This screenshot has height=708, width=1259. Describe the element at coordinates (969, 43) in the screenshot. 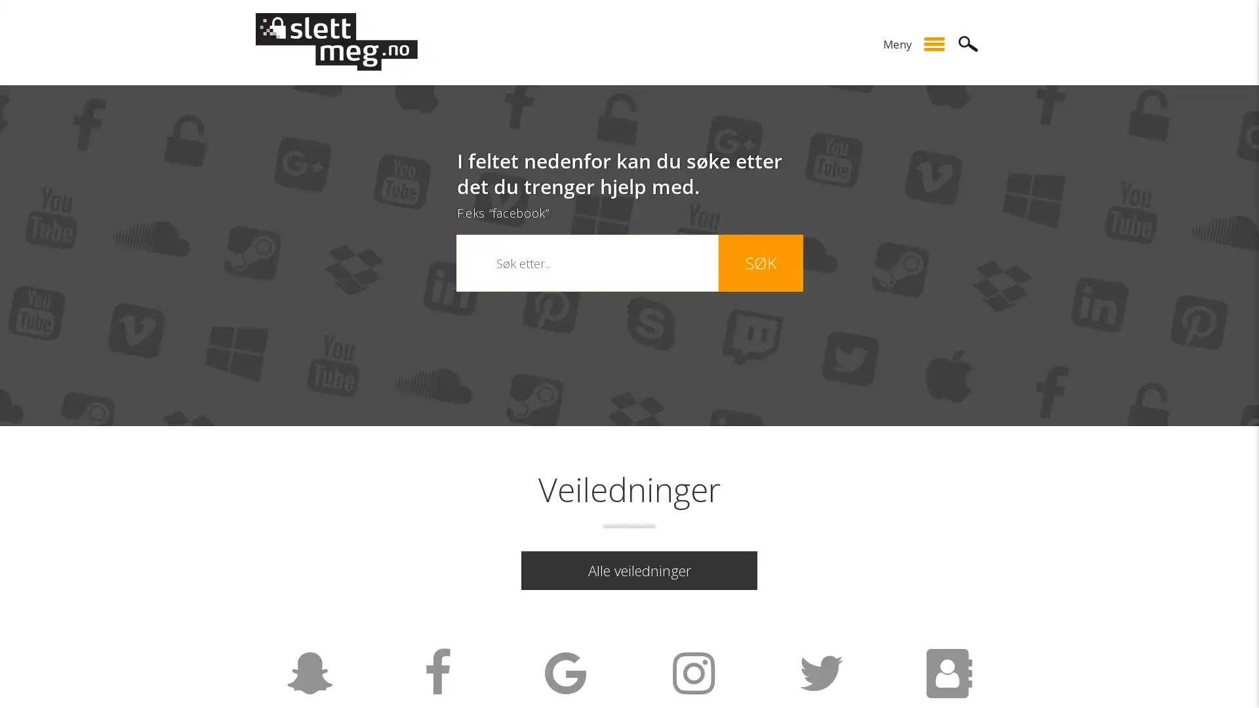

I see `Sk` at that location.